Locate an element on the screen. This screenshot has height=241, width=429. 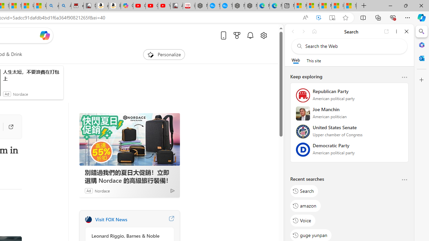
'Open link in new tab' is located at coordinates (386, 31).